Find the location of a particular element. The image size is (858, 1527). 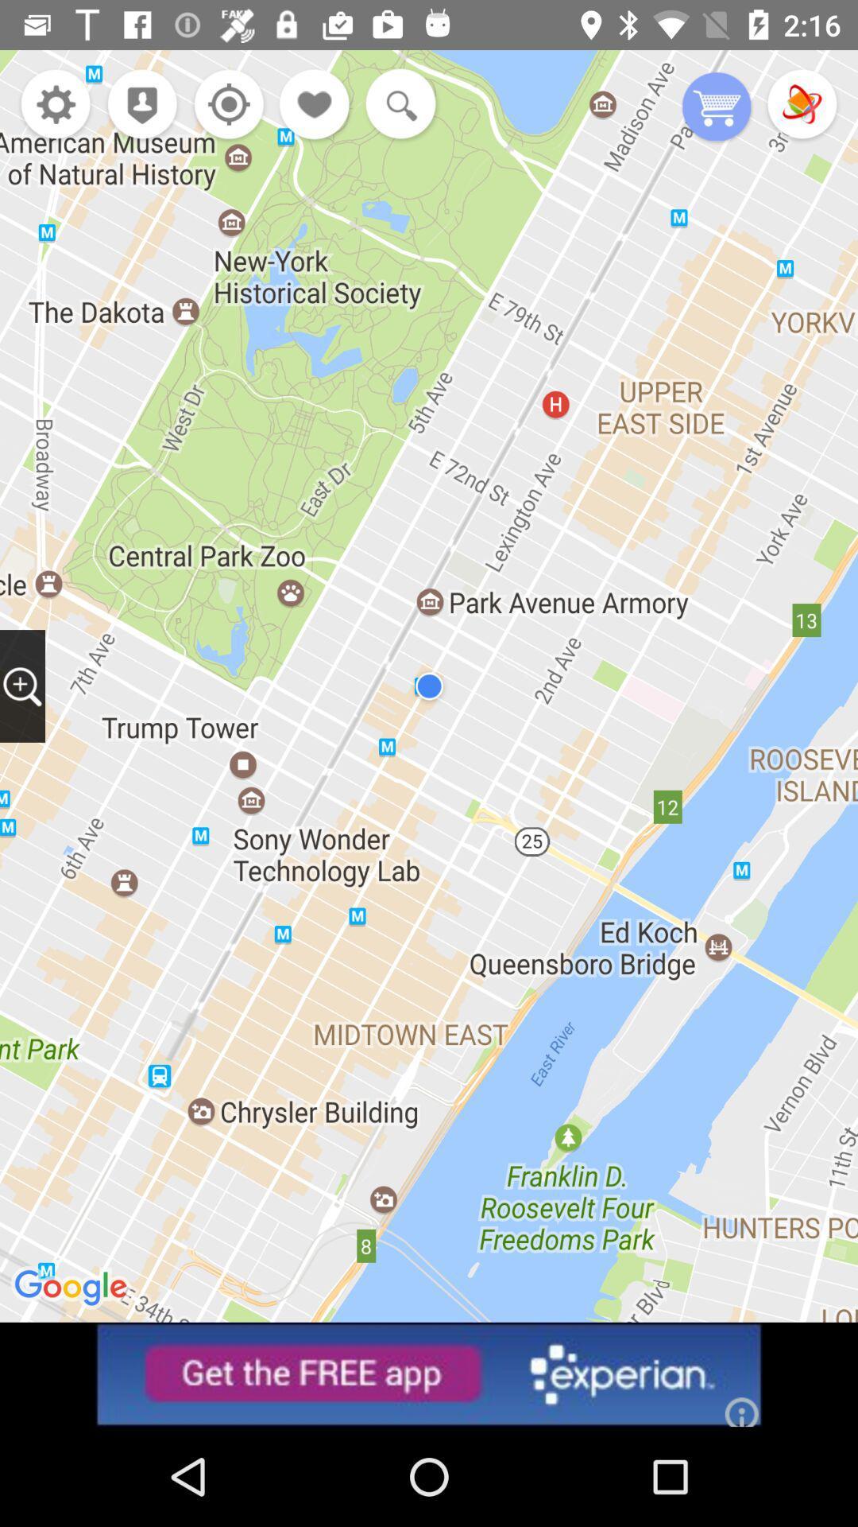

location is located at coordinates (225, 105).